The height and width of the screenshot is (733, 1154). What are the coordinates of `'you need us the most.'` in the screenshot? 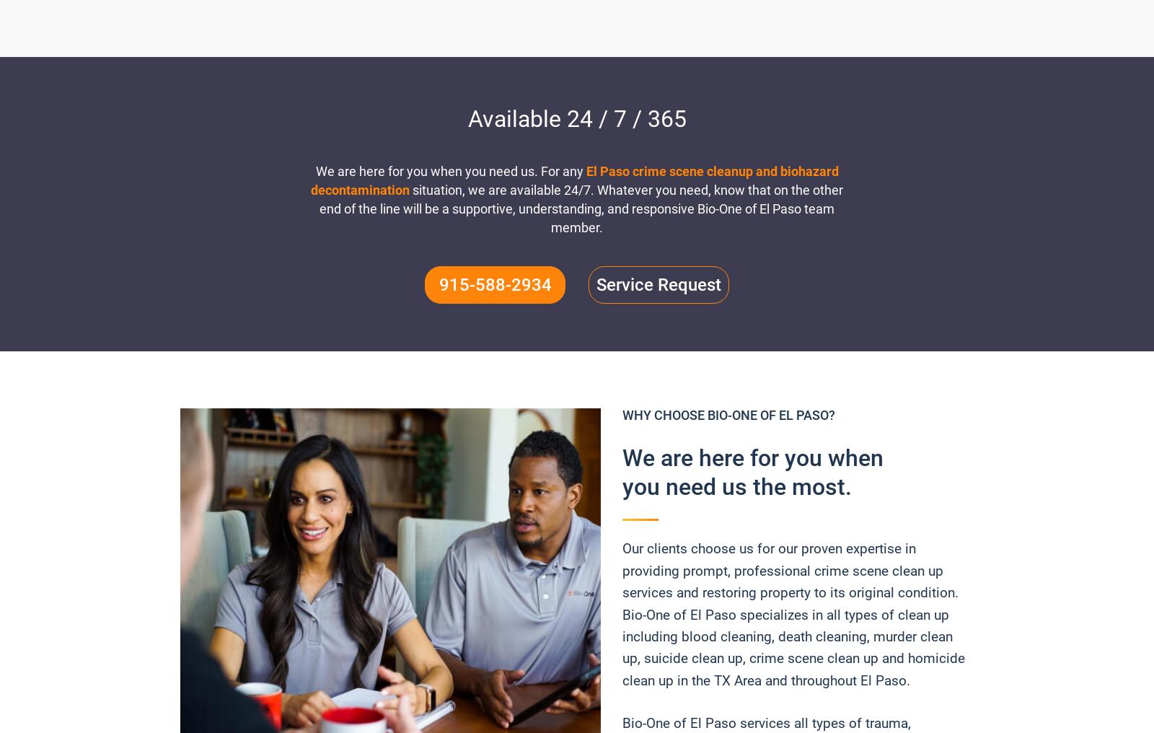 It's located at (737, 486).